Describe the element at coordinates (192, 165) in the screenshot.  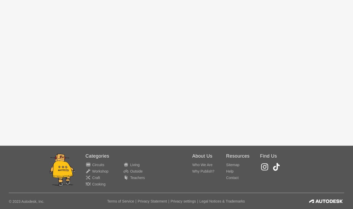
I see `'Who We Are'` at that location.